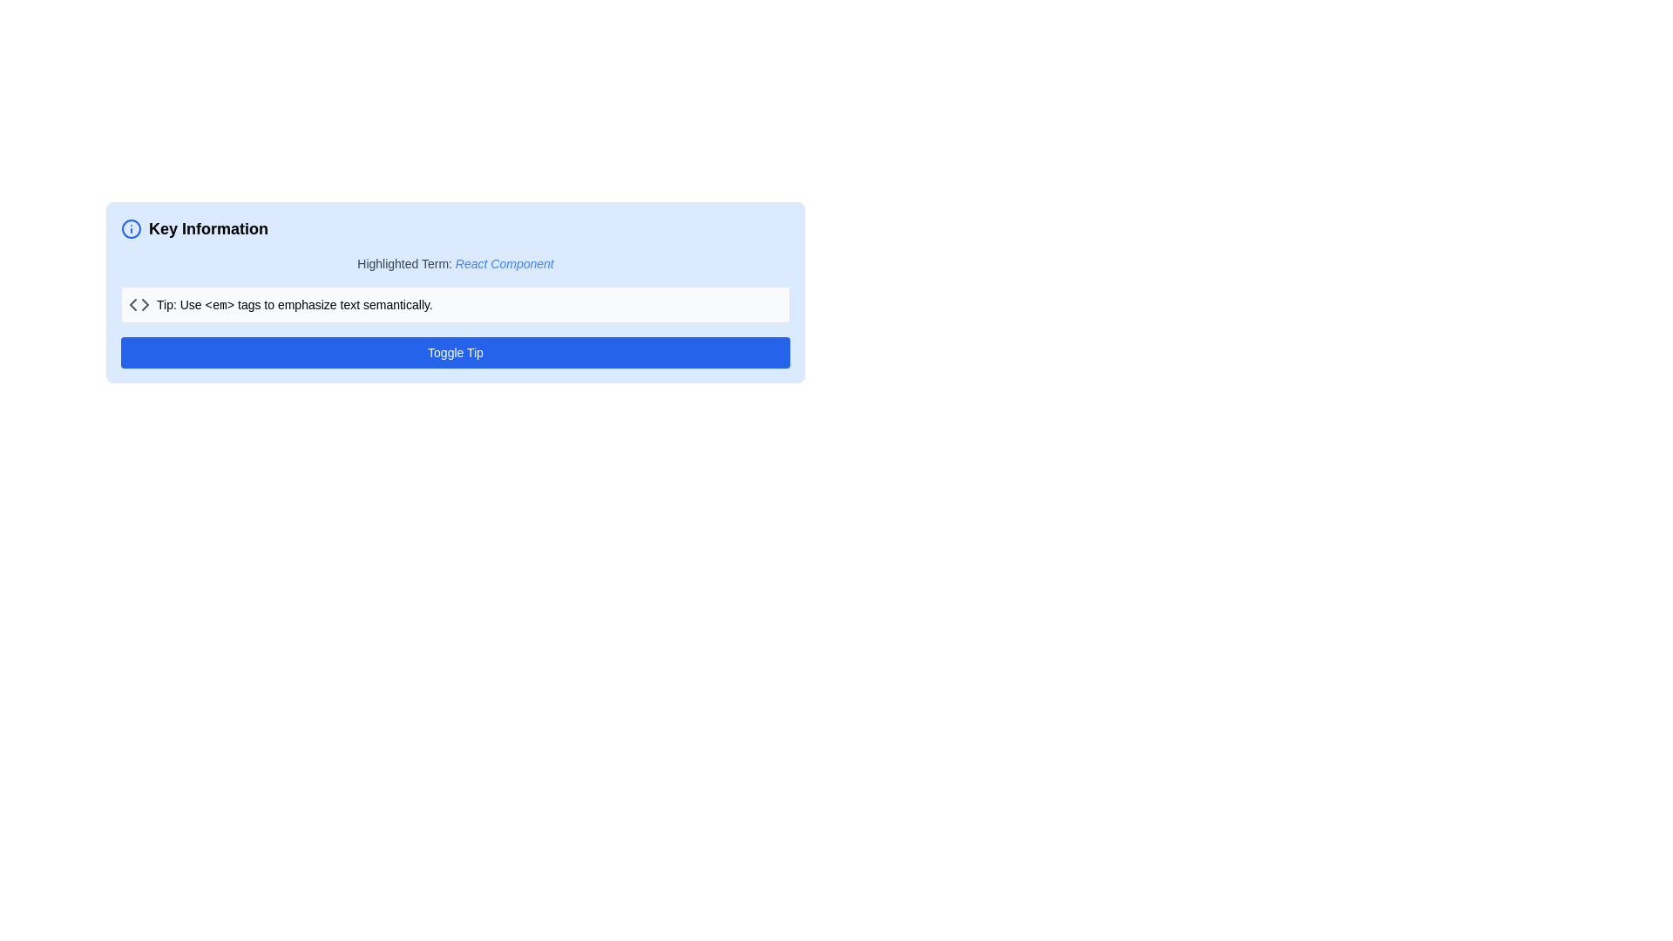  I want to click on the informational card that contains key data, tips, and an actionable button, centrally aligned in the interface, so click(456, 377).